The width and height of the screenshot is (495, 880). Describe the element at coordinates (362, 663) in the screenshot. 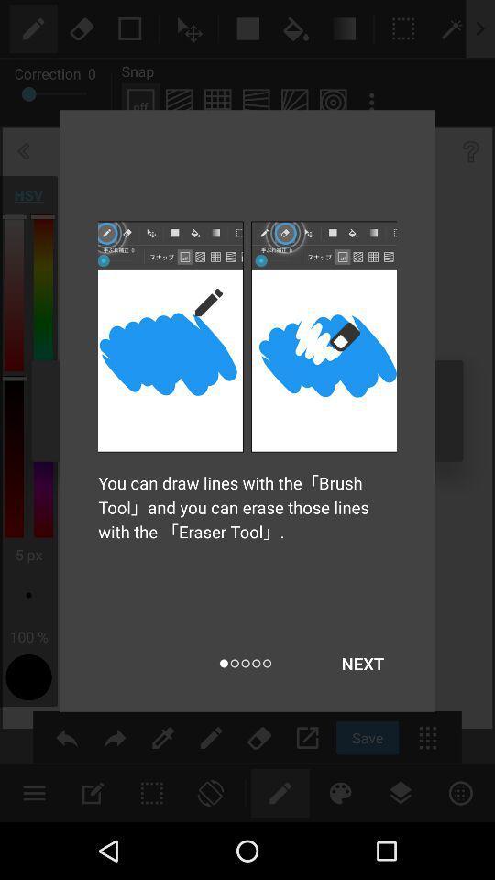

I see `the icon at the bottom right corner` at that location.